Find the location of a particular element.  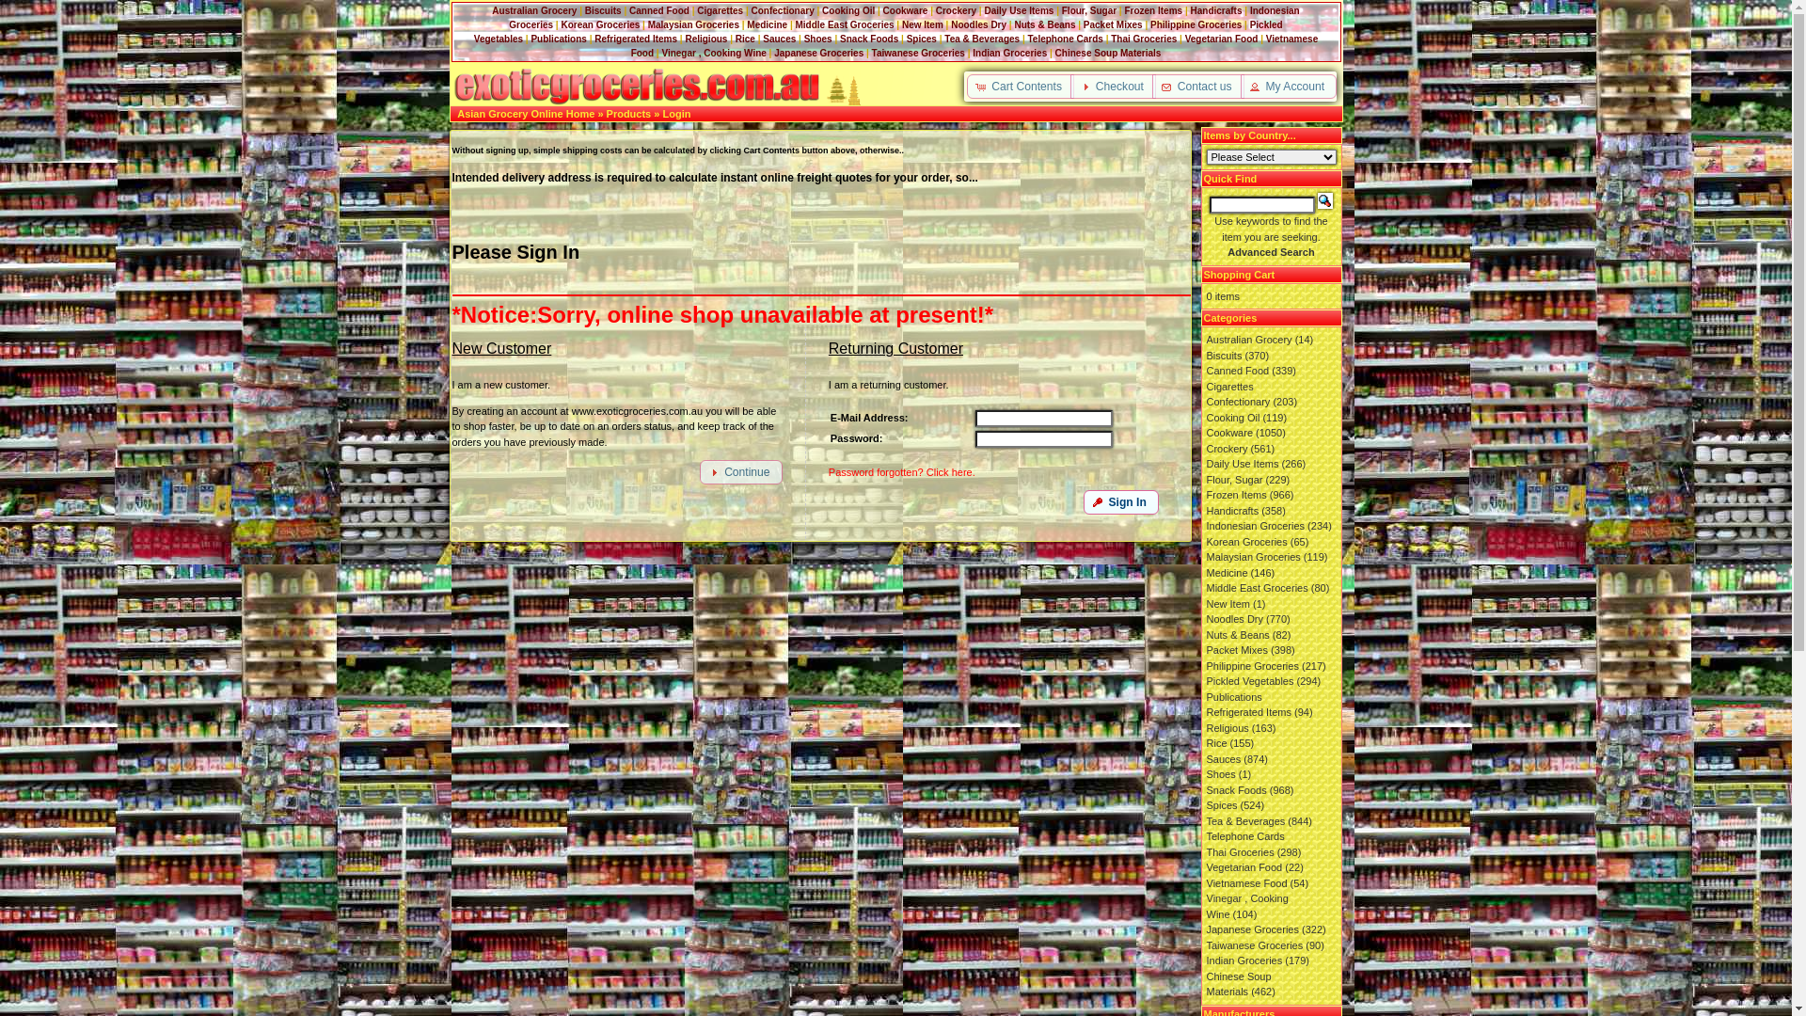

'Australian Grocery' is located at coordinates (532, 10).